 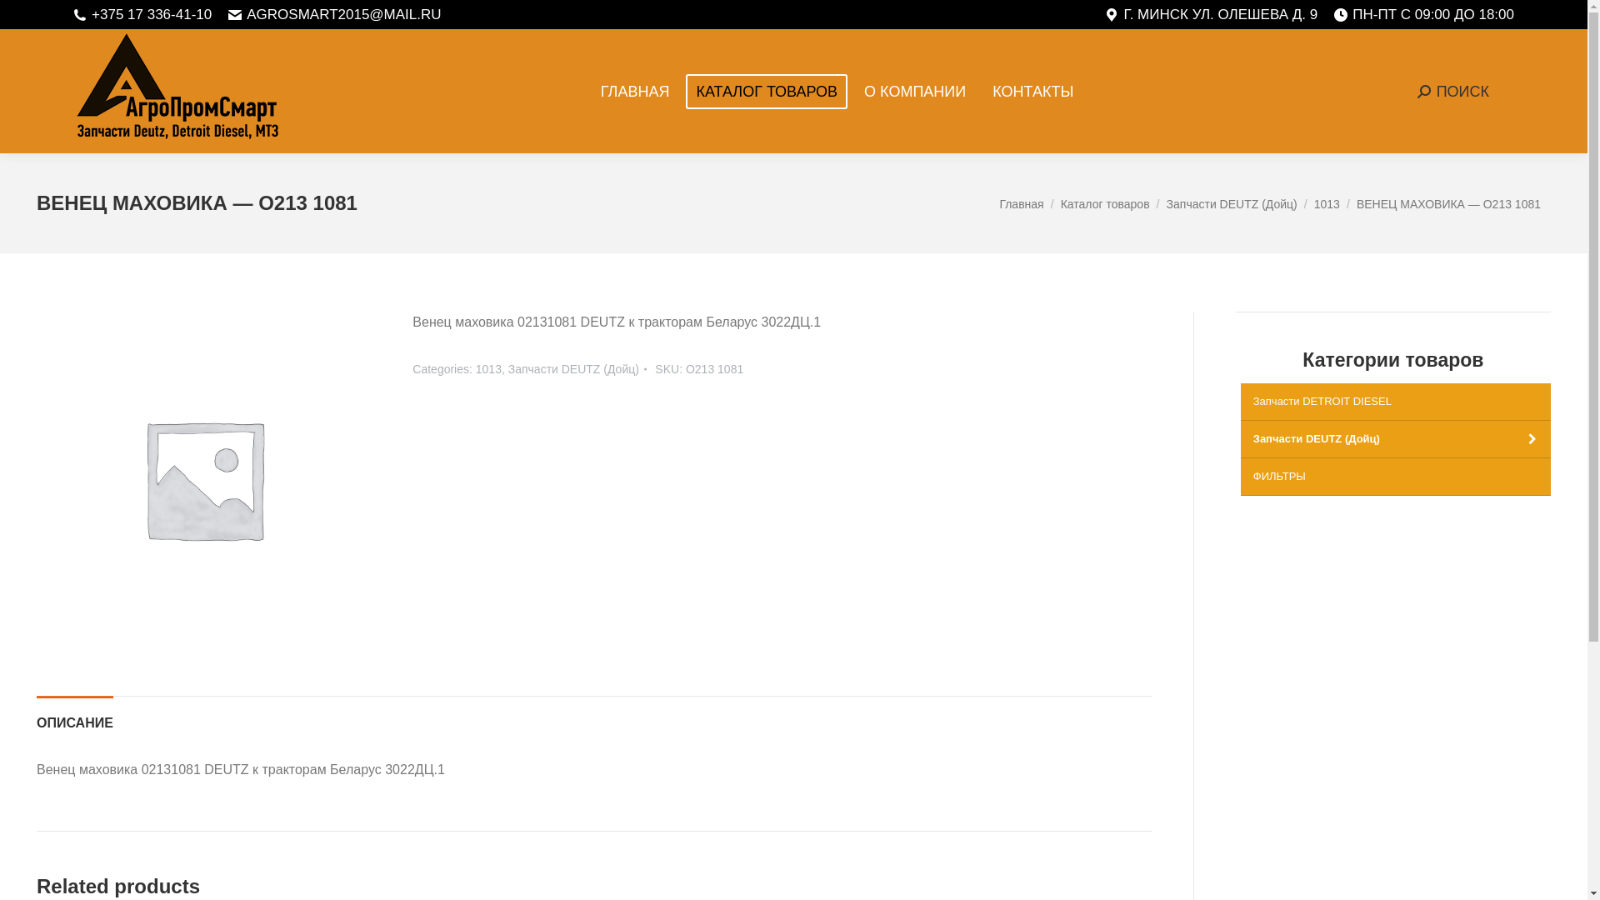 I want to click on '1013', so click(x=487, y=368).